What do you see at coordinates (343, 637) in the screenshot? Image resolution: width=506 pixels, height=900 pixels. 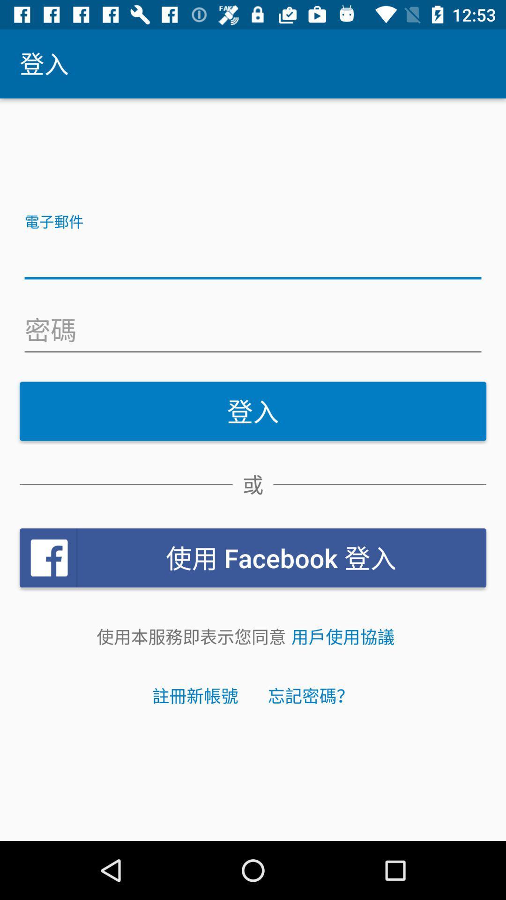 I see `item at the bottom right corner` at bounding box center [343, 637].